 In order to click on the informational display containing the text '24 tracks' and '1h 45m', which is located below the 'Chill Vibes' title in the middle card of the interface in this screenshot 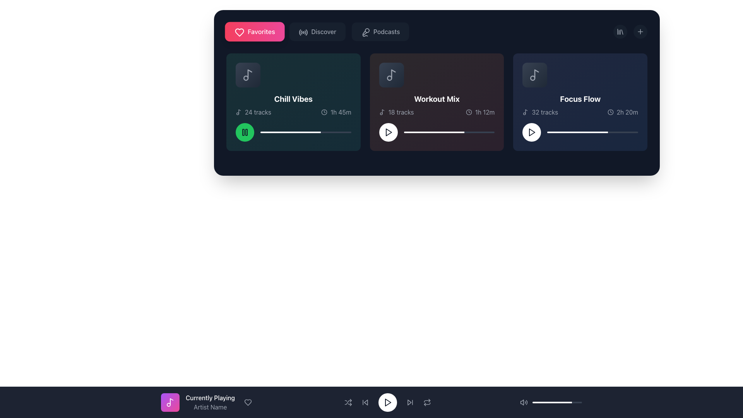, I will do `click(293, 112)`.